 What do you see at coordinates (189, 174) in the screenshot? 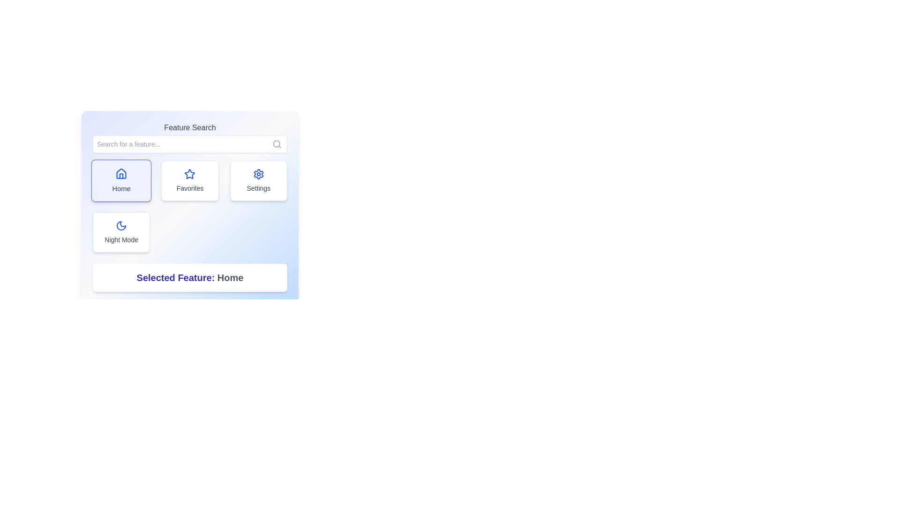
I see `the star icon with a blue outline located above the text 'Favorites' in the card-style UI component` at bounding box center [189, 174].